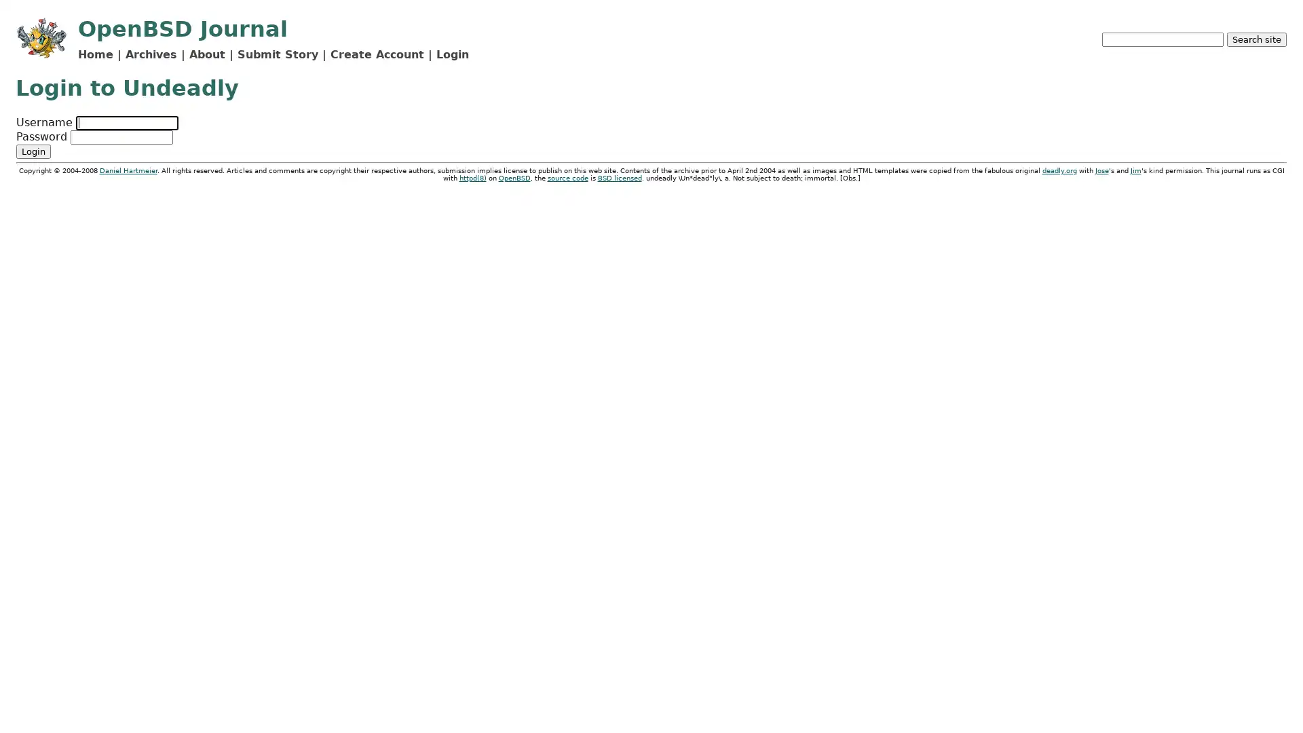 The image size is (1303, 733). Describe the element at coordinates (33, 151) in the screenshot. I see `Login` at that location.